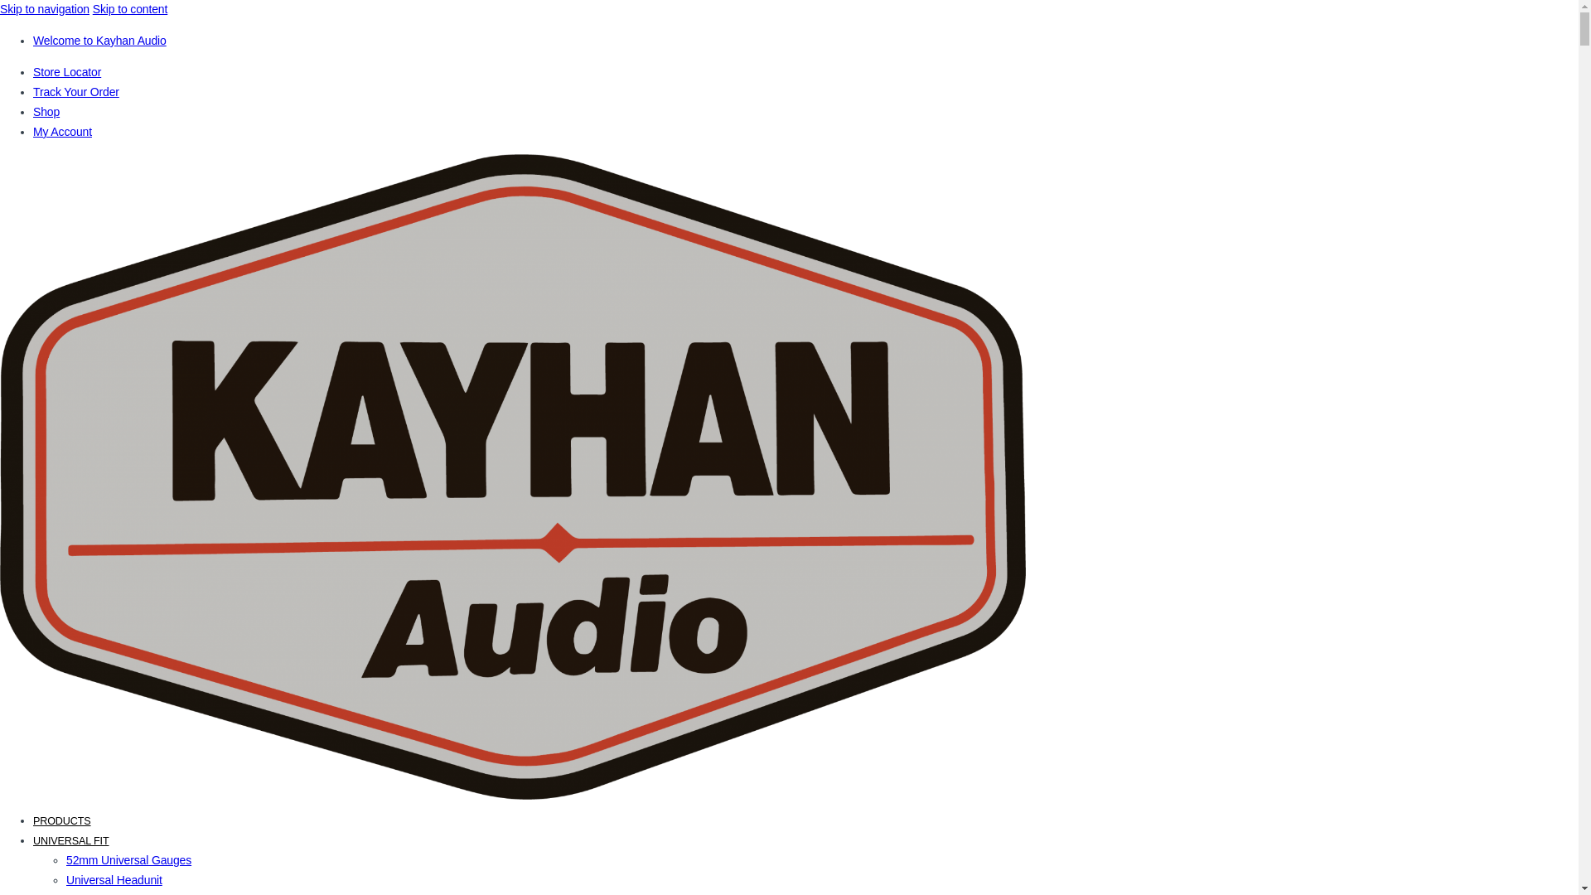 The image size is (1591, 895). Describe the element at coordinates (128, 859) in the screenshot. I see `'52mm Universal Gauges'` at that location.